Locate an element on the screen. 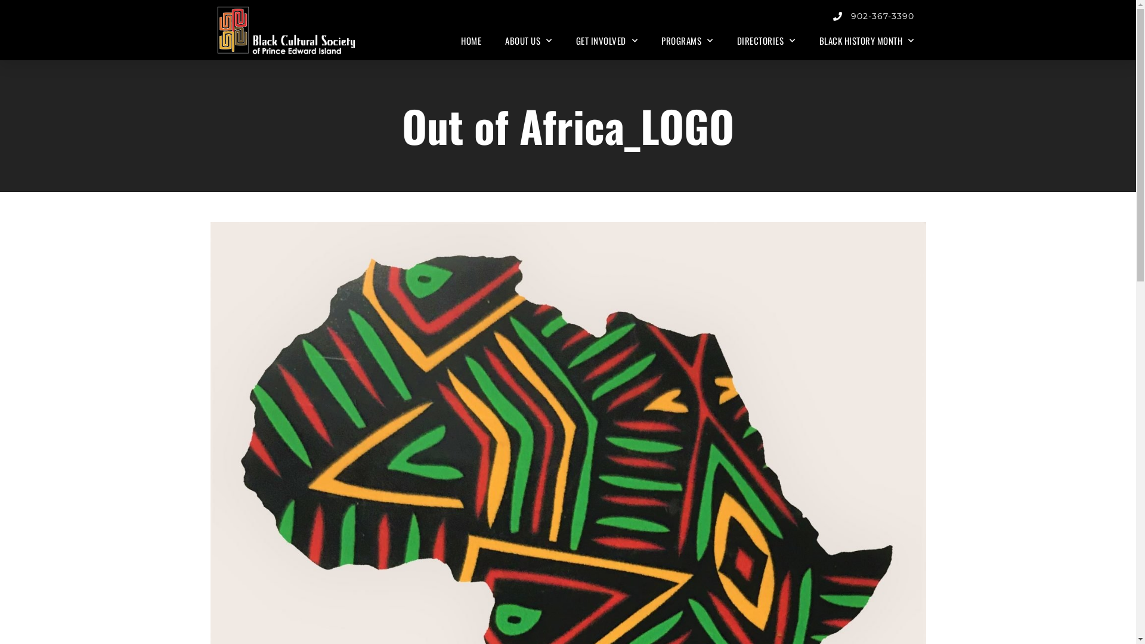 The height and width of the screenshot is (644, 1145). 'GET INVOLVED' is located at coordinates (606, 40).